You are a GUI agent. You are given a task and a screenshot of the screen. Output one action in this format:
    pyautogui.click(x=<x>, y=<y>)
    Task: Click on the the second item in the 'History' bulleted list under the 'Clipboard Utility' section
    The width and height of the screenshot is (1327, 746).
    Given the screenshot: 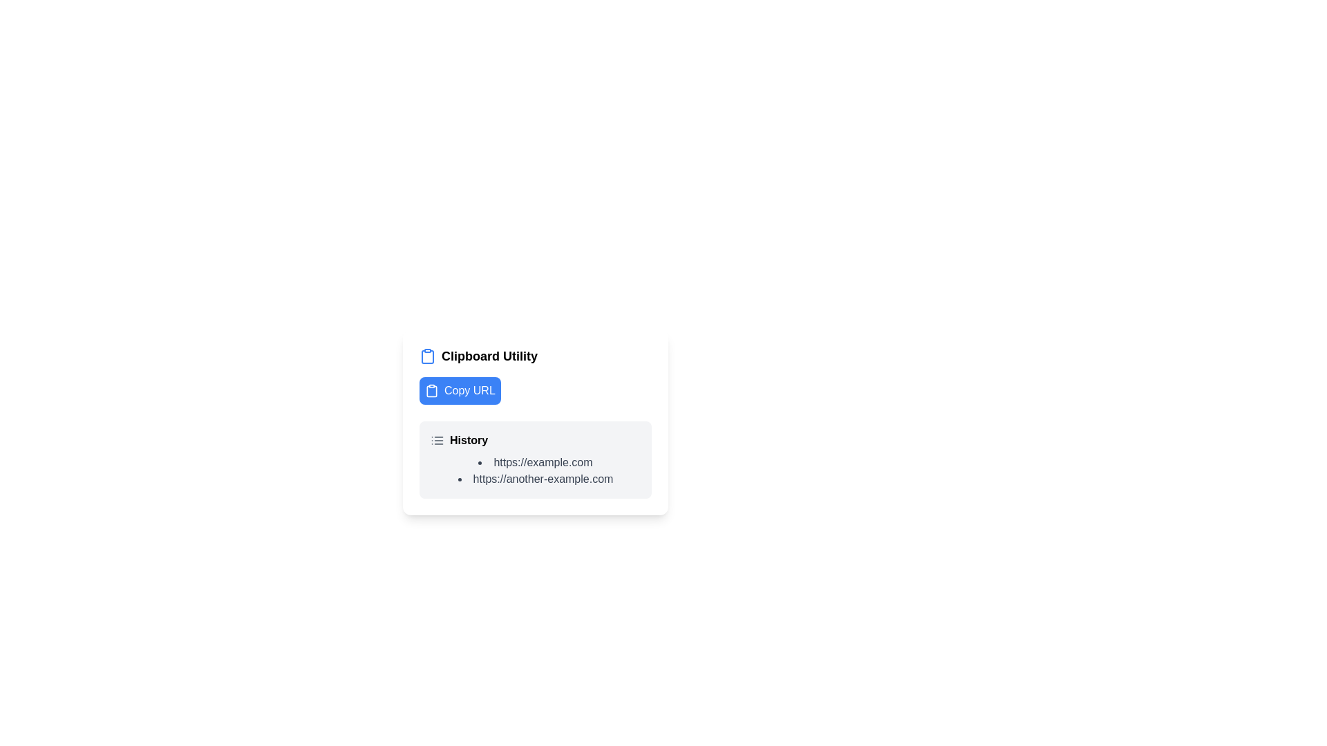 What is the action you would take?
    pyautogui.click(x=534, y=470)
    